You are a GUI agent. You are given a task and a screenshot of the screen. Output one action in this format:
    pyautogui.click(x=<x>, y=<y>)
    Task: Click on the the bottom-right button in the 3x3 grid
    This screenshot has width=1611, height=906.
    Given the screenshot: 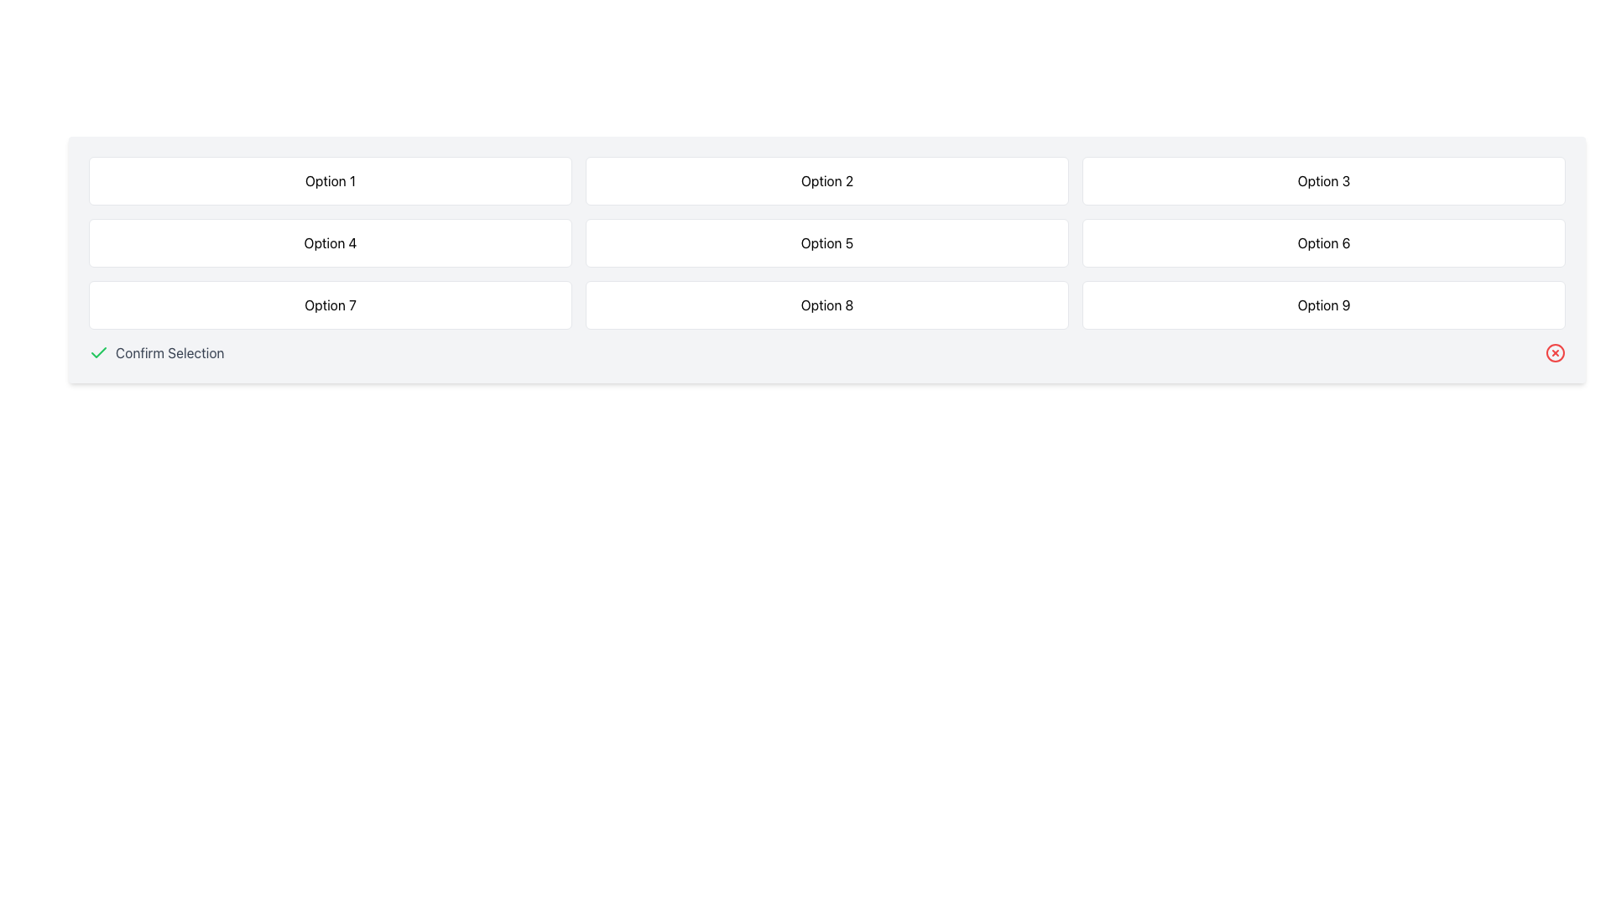 What is the action you would take?
    pyautogui.click(x=1323, y=305)
    